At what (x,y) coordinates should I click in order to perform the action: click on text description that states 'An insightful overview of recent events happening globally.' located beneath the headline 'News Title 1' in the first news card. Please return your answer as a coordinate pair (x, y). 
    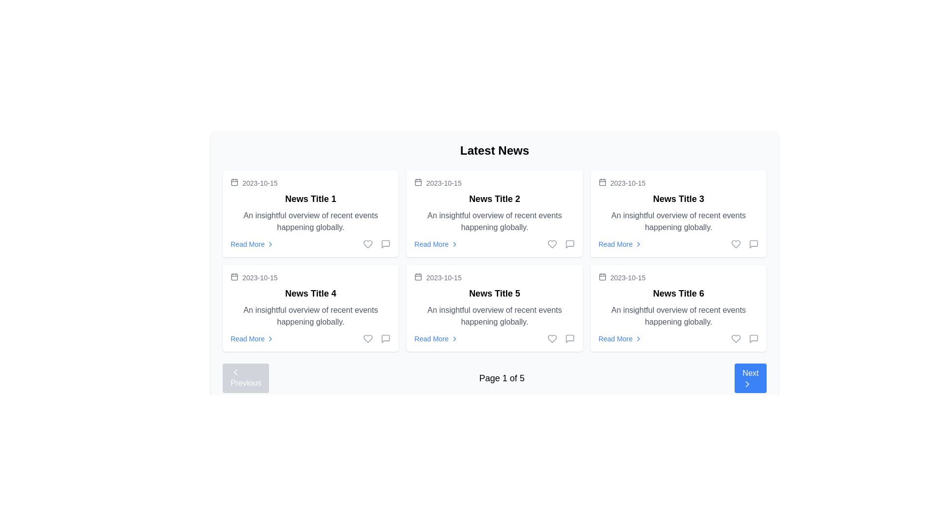
    Looking at the image, I should click on (310, 222).